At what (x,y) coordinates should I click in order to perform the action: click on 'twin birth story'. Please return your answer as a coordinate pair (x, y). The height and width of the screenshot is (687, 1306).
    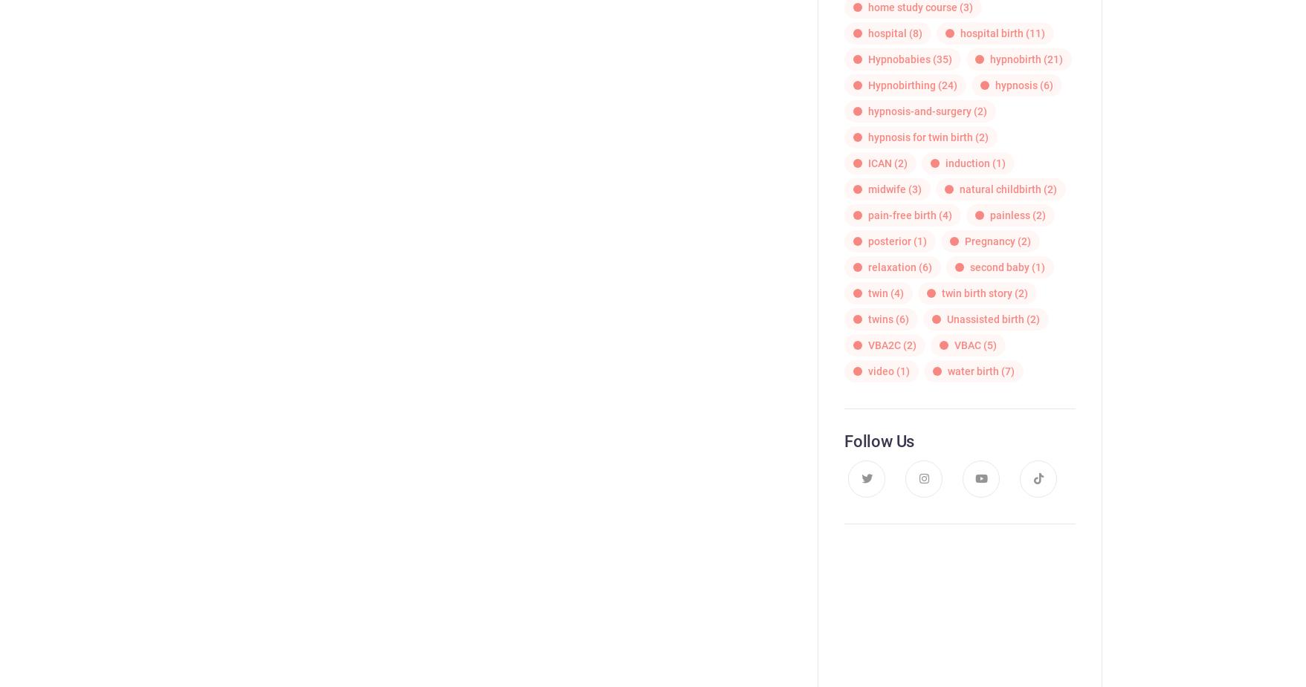
    Looking at the image, I should click on (977, 291).